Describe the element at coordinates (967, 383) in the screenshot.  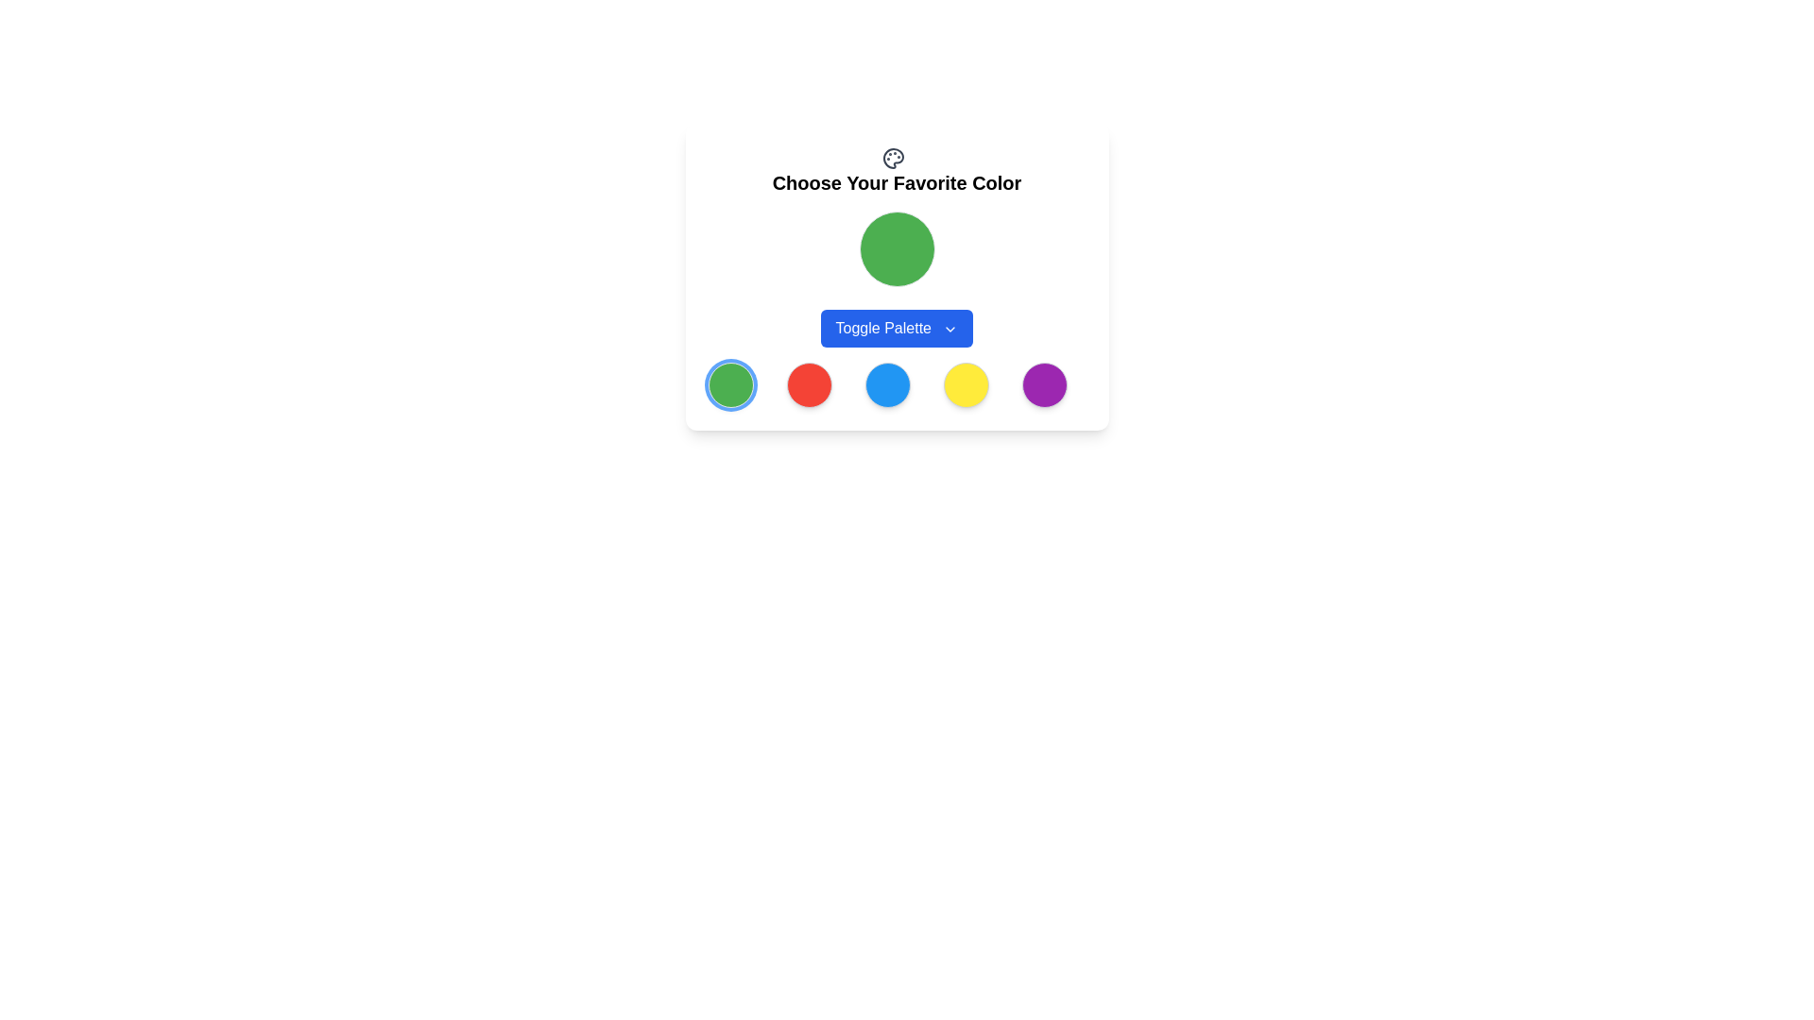
I see `the fourth circular button representing the yellow color option in the color selection palette` at that location.